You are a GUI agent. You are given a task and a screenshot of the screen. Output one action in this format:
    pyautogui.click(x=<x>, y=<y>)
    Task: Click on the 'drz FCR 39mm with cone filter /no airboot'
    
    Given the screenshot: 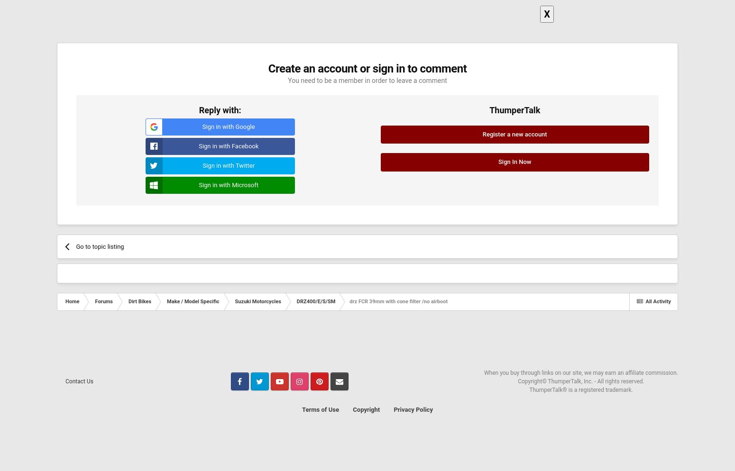 What is the action you would take?
    pyautogui.click(x=398, y=301)
    